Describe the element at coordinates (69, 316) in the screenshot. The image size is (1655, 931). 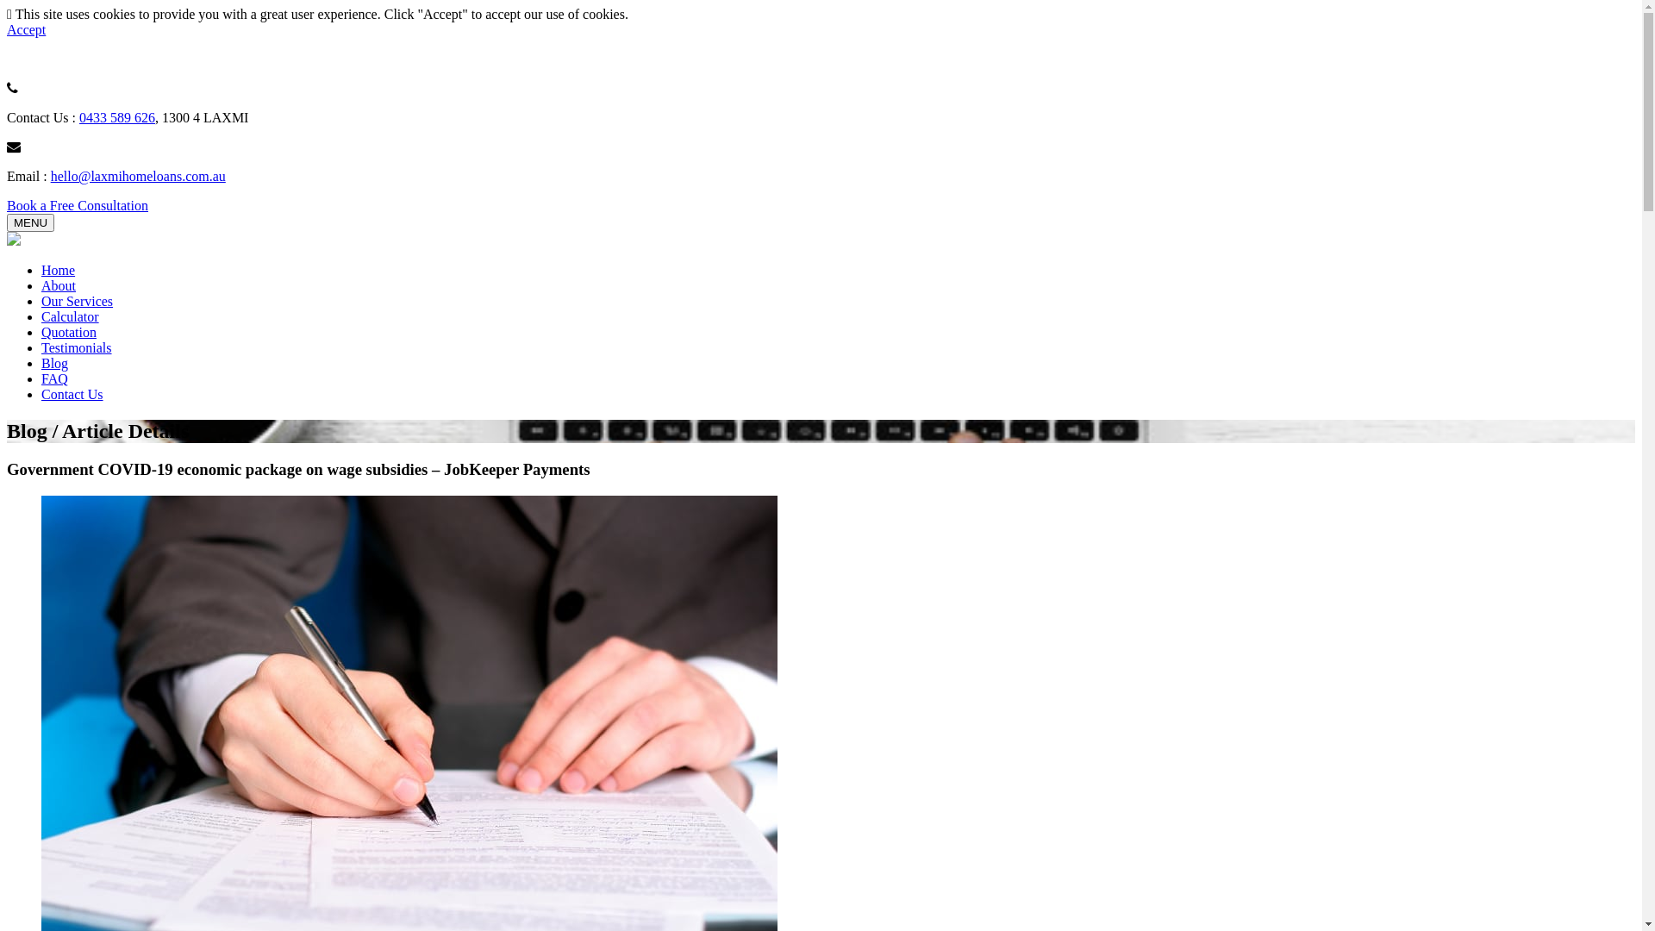
I see `'Calculator'` at that location.